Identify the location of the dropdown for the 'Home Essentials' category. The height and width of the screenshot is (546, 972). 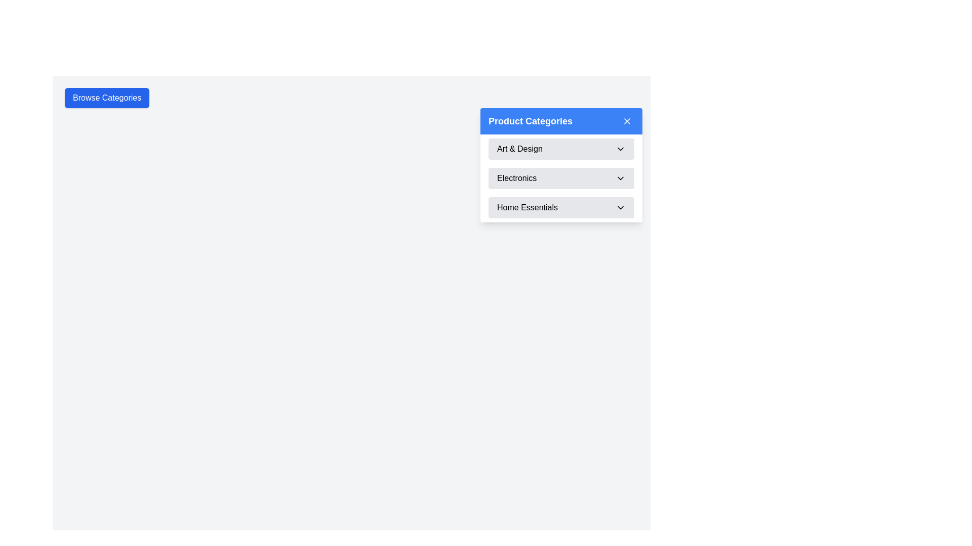
(560, 207).